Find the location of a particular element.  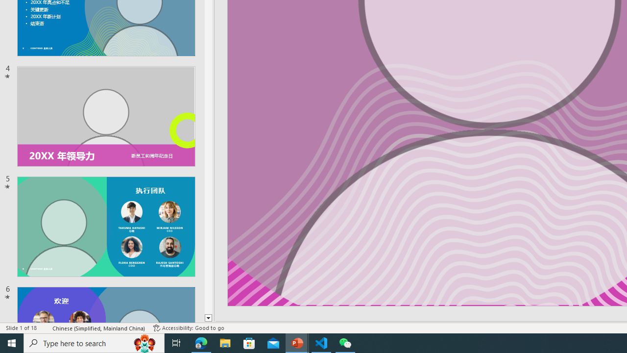

'Spell Check ' is located at coordinates (45, 328).